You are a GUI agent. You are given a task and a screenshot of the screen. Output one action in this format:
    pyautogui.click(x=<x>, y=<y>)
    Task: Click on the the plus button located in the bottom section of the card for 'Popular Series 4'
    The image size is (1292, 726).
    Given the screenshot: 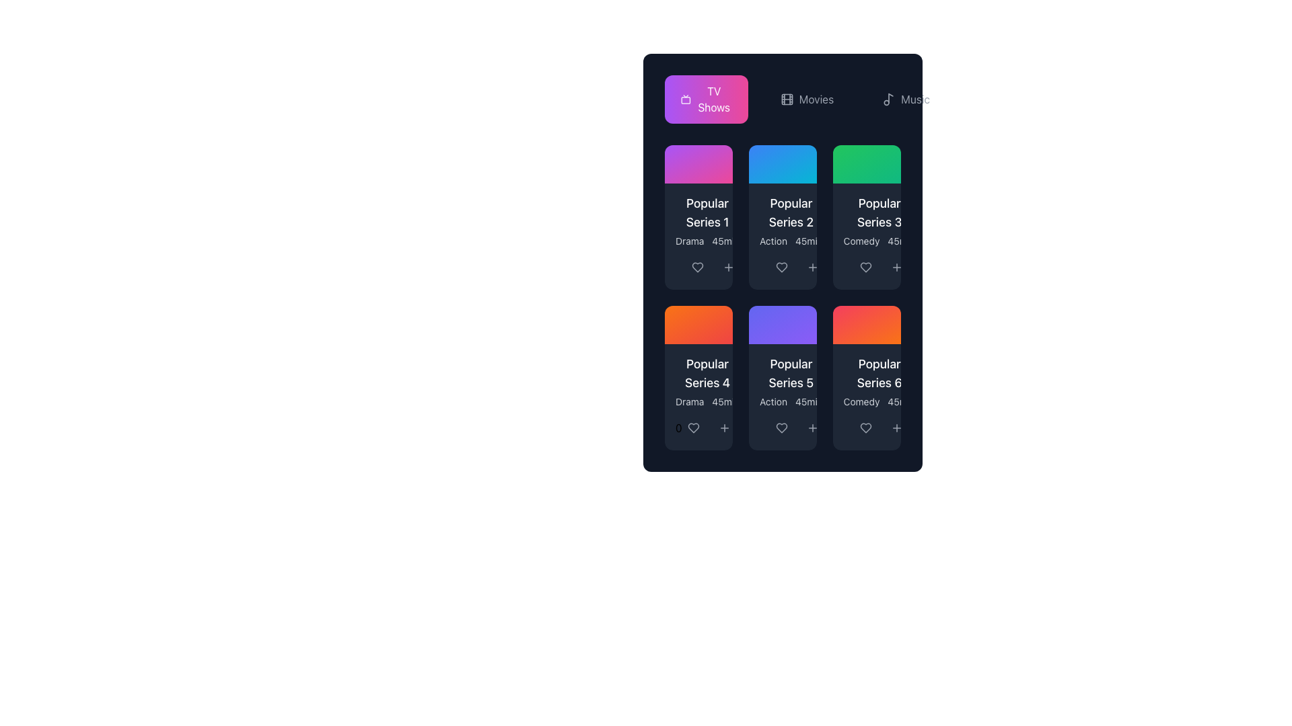 What is the action you would take?
    pyautogui.click(x=723, y=428)
    